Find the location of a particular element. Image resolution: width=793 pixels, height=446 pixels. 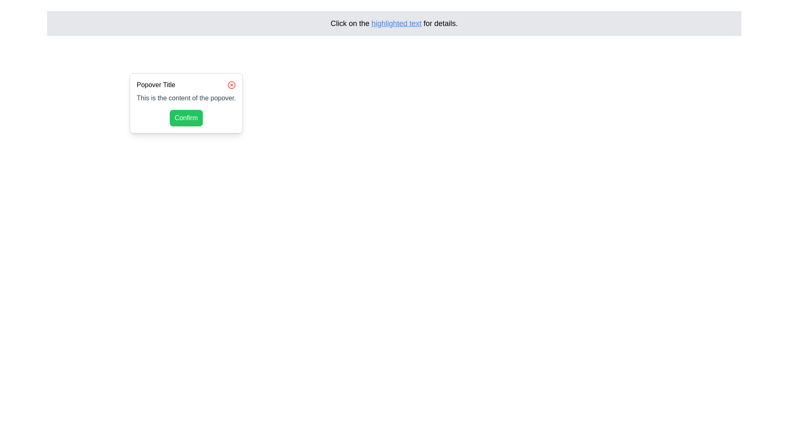

text heading displaying 'Popover Title' located at the top left of the popover interface is located at coordinates (156, 85).